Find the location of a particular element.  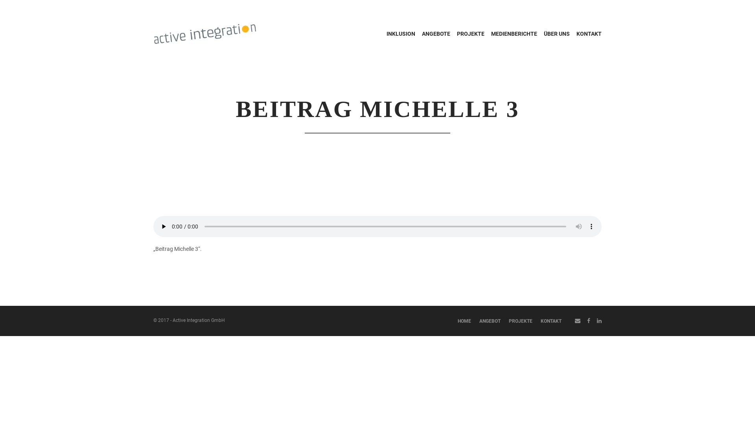

'PROJEKTE' is located at coordinates (521, 321).